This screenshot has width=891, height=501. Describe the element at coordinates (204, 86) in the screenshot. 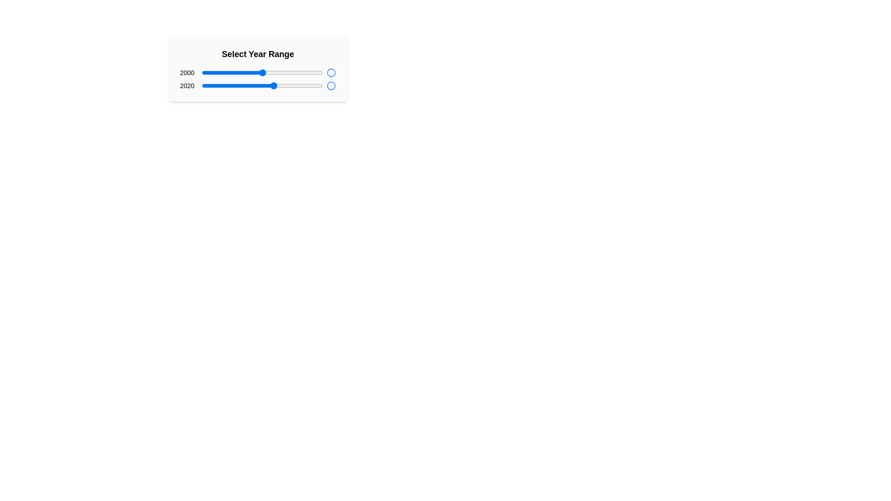

I see `the year value` at that location.